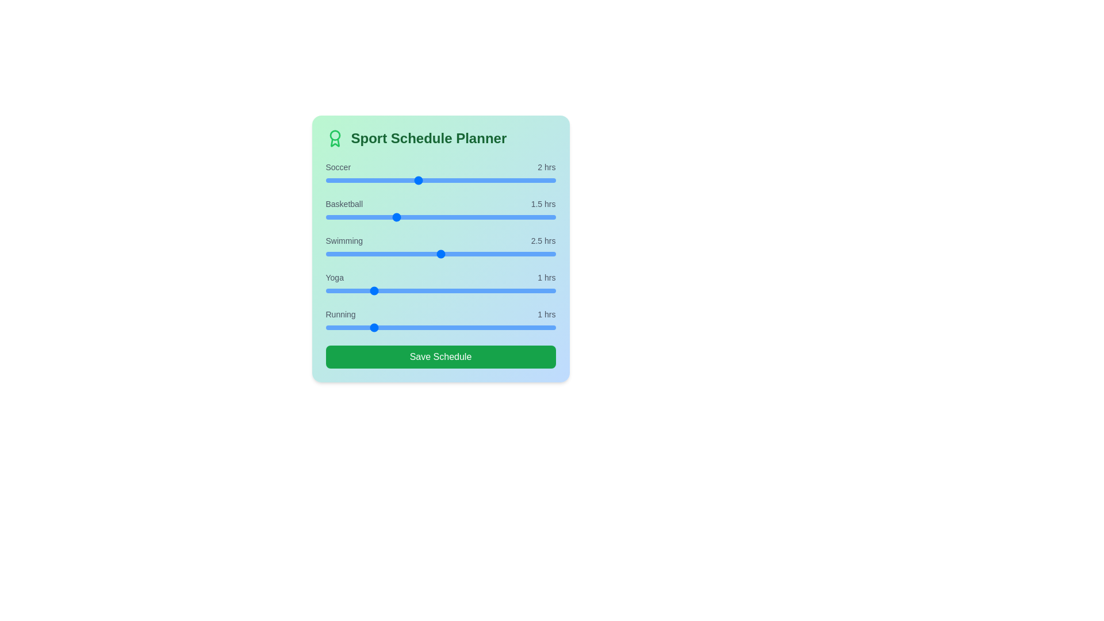 This screenshot has width=1104, height=621. I want to click on the Swimming slider to allocate 0 hours, so click(325, 254).